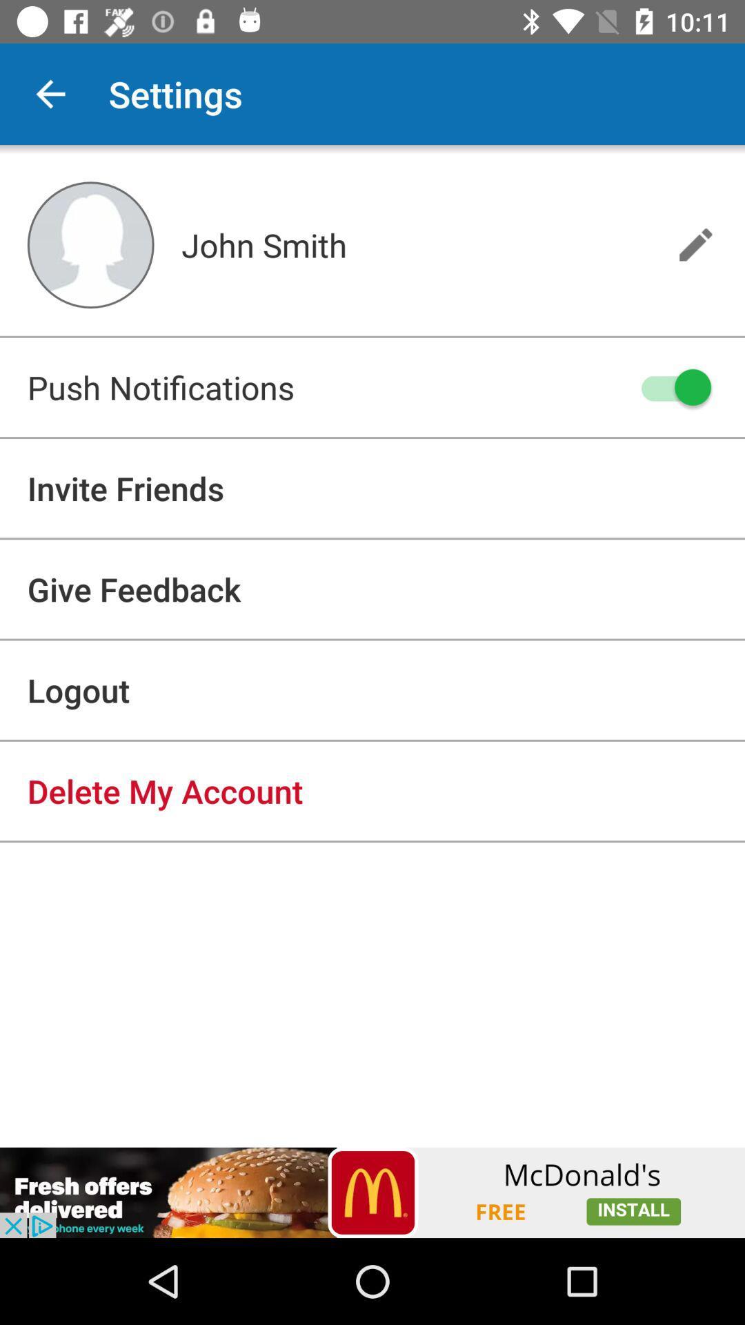  What do you see at coordinates (695, 244) in the screenshot?
I see `edit` at bounding box center [695, 244].